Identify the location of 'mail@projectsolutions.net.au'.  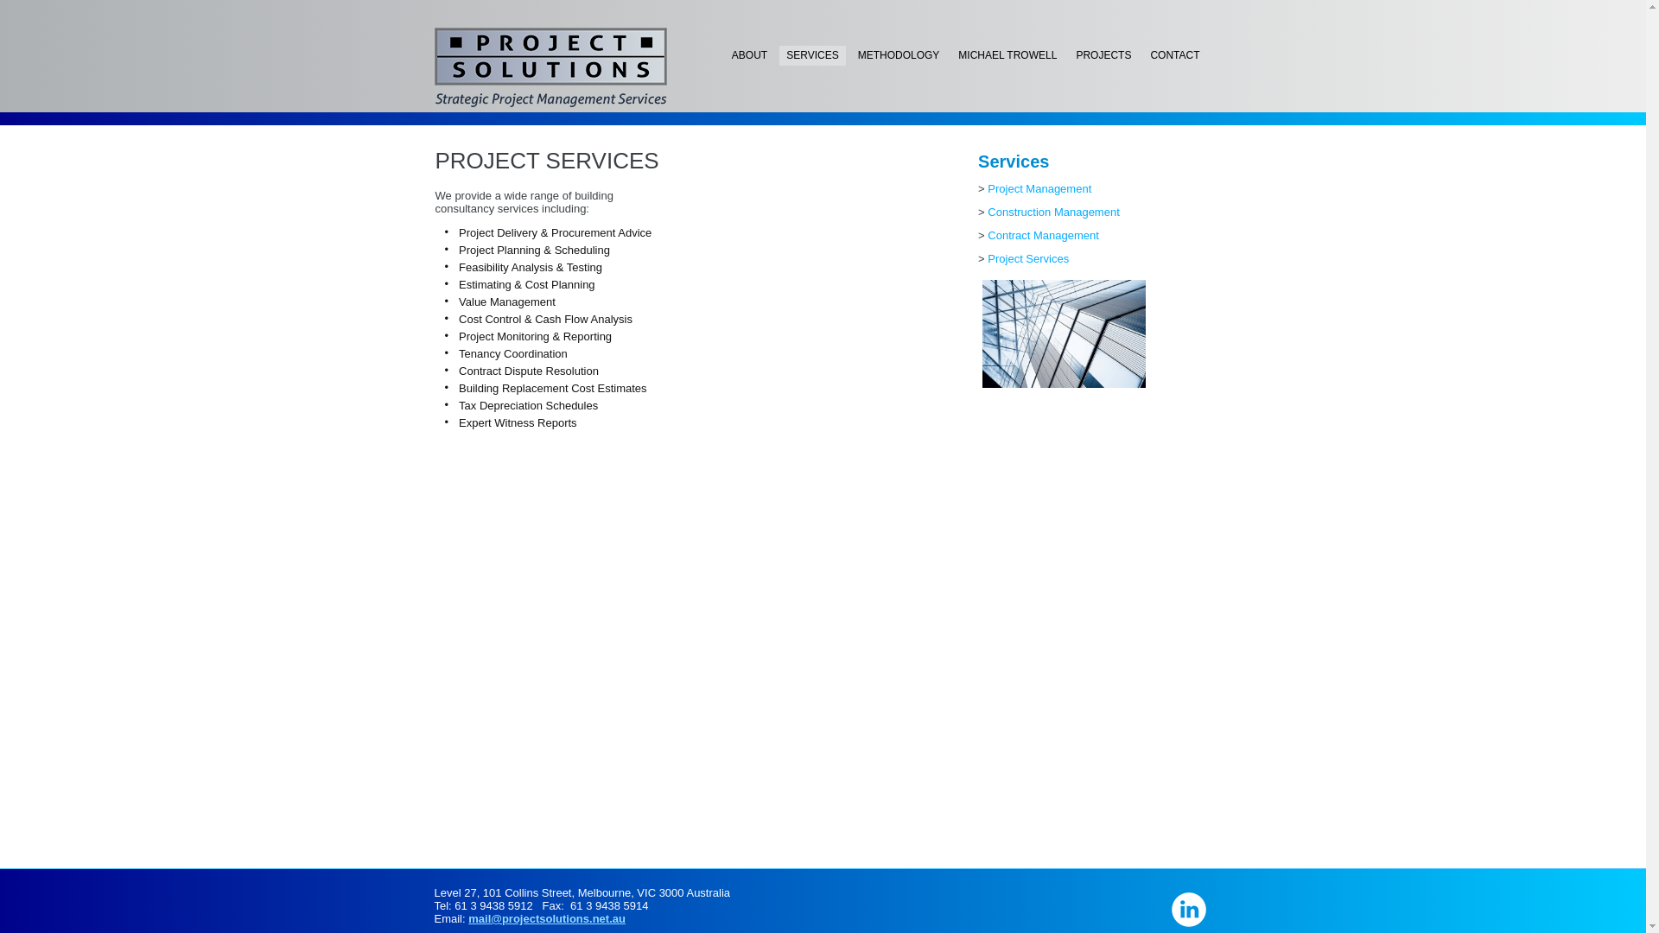
(546, 917).